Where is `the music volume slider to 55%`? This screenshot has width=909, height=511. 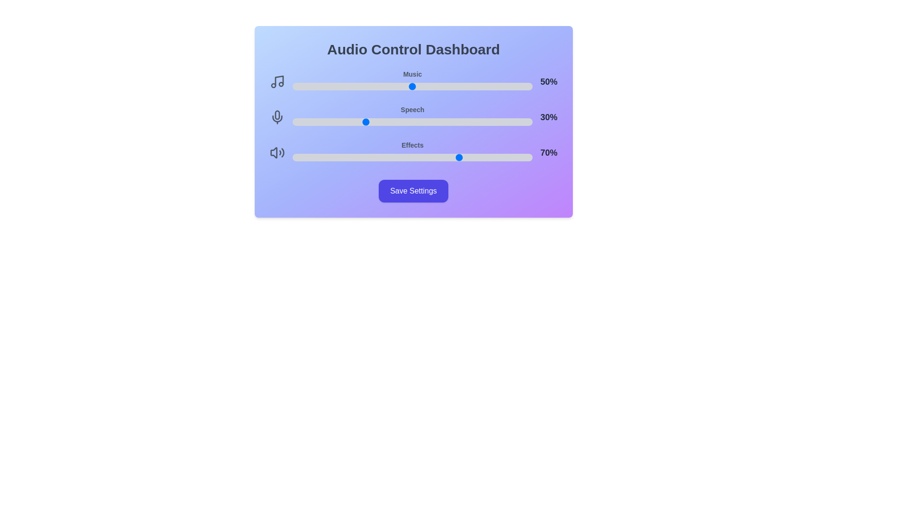 the music volume slider to 55% is located at coordinates (424, 86).